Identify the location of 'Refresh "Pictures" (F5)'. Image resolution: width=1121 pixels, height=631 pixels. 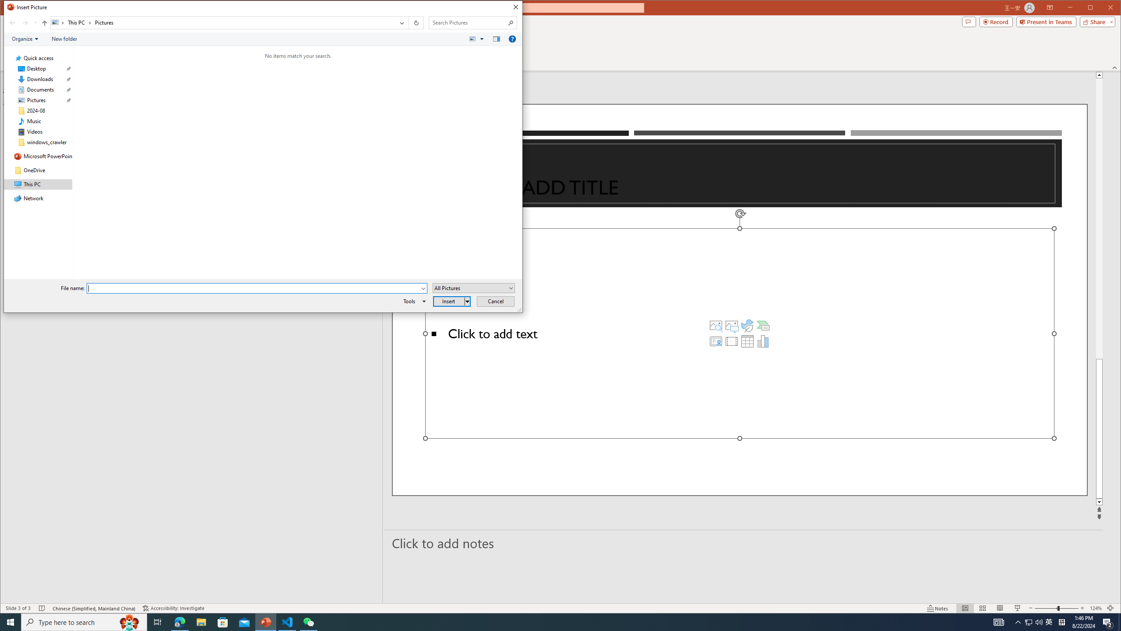
(415, 22).